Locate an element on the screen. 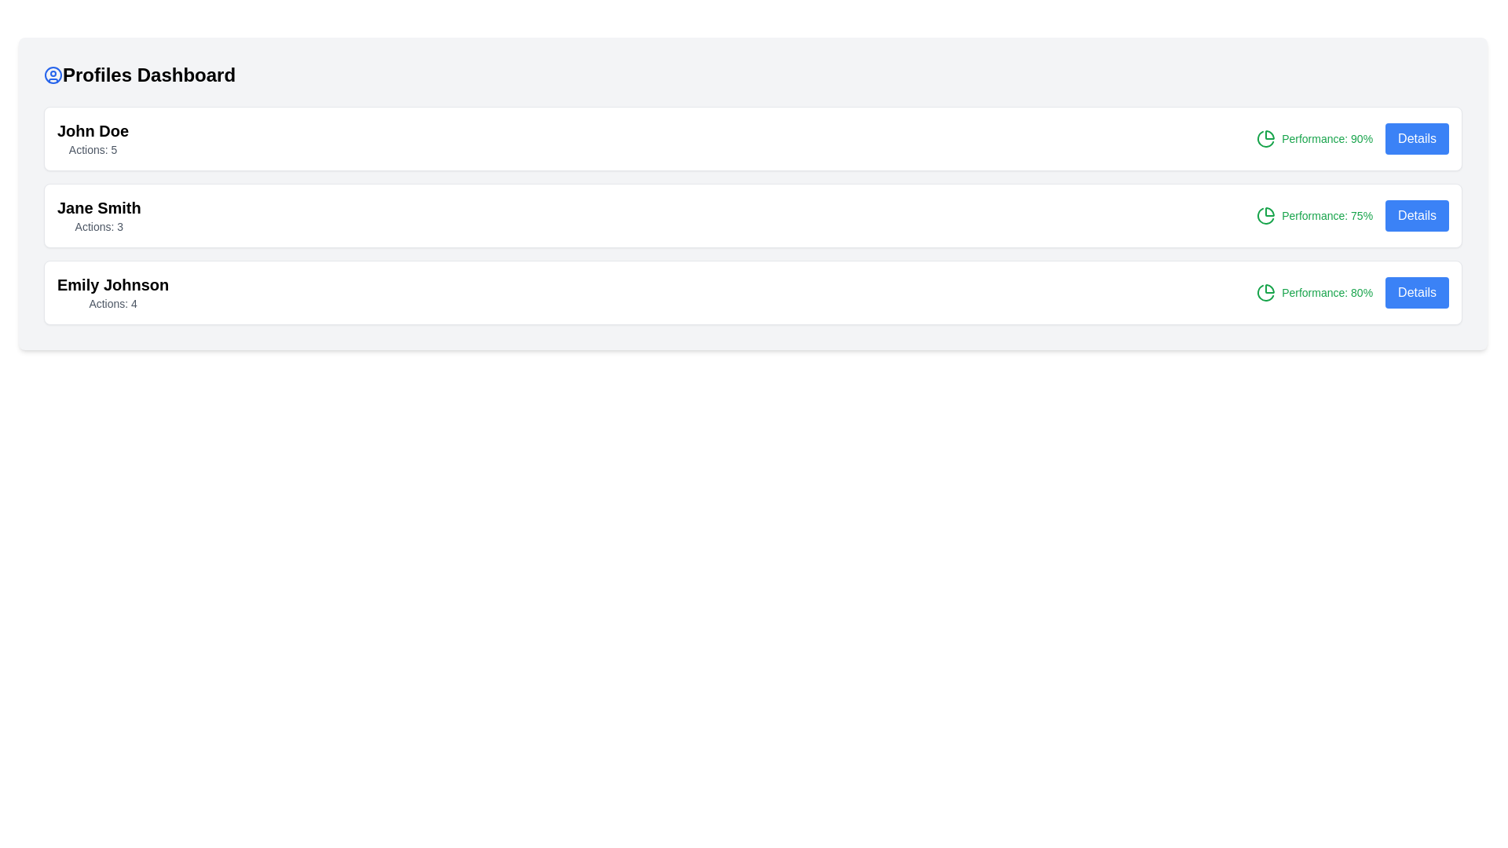  the text label displaying 'Actions: 3', which is located below the bold 'Jane Smith' text in a vertically arranged list is located at coordinates (98, 227).